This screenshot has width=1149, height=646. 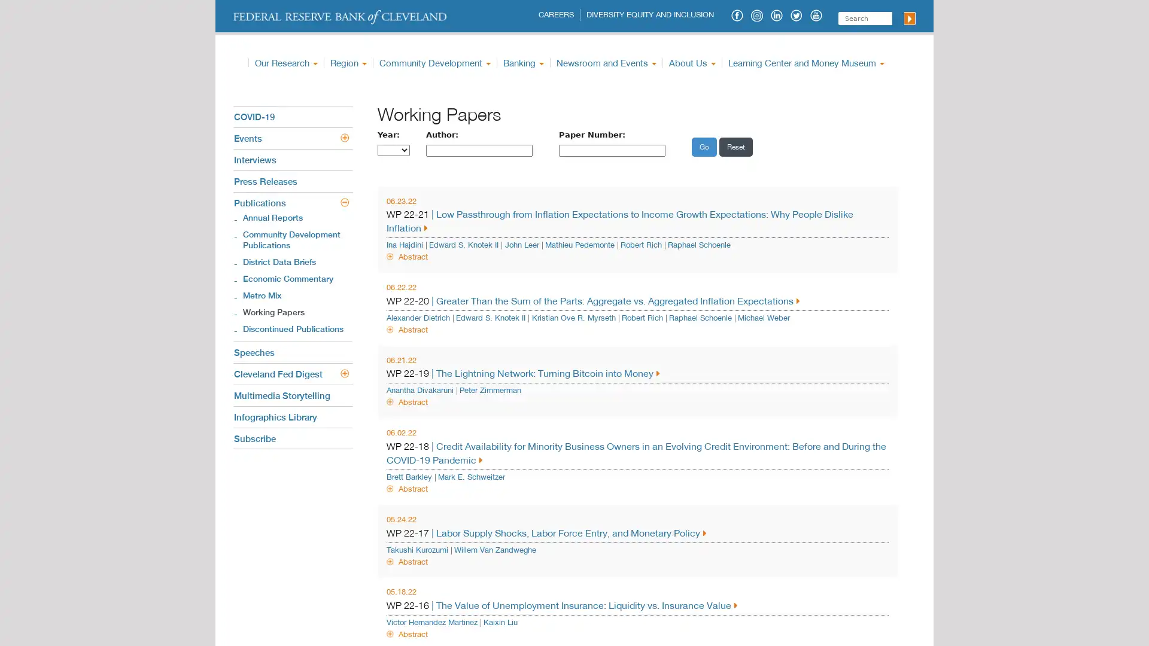 I want to click on Reset, so click(x=735, y=146).